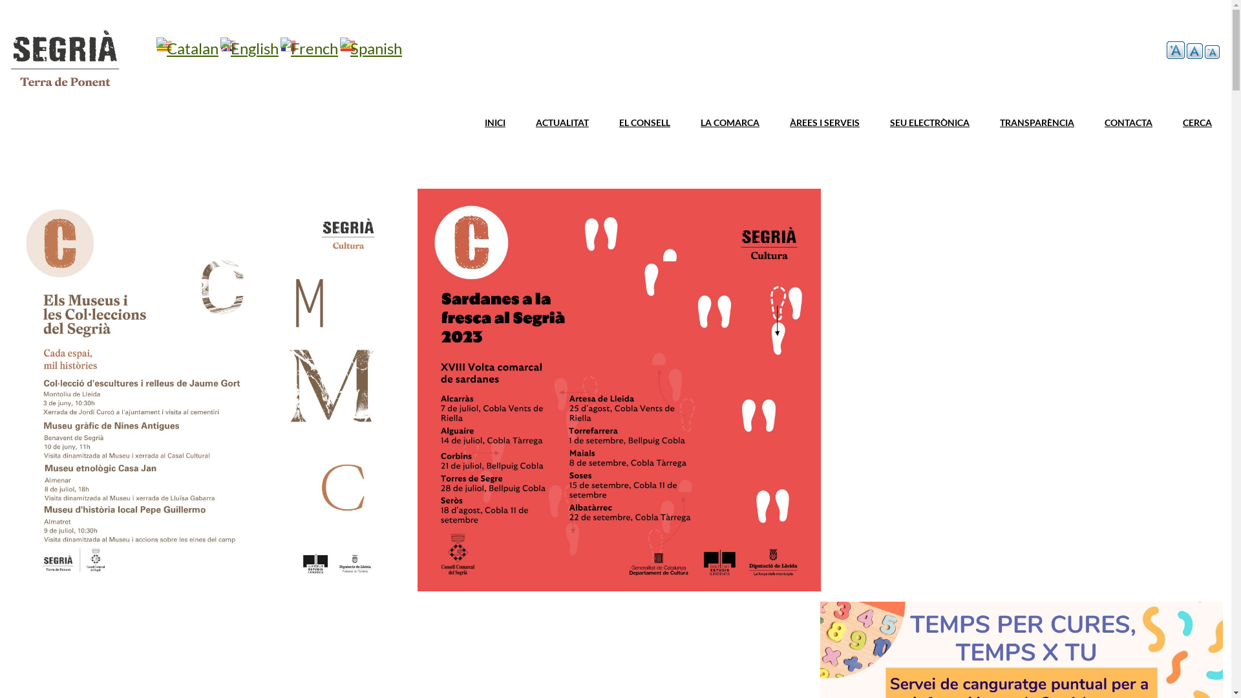 The width and height of the screenshot is (1241, 698). I want to click on 'A', so click(1166, 49).